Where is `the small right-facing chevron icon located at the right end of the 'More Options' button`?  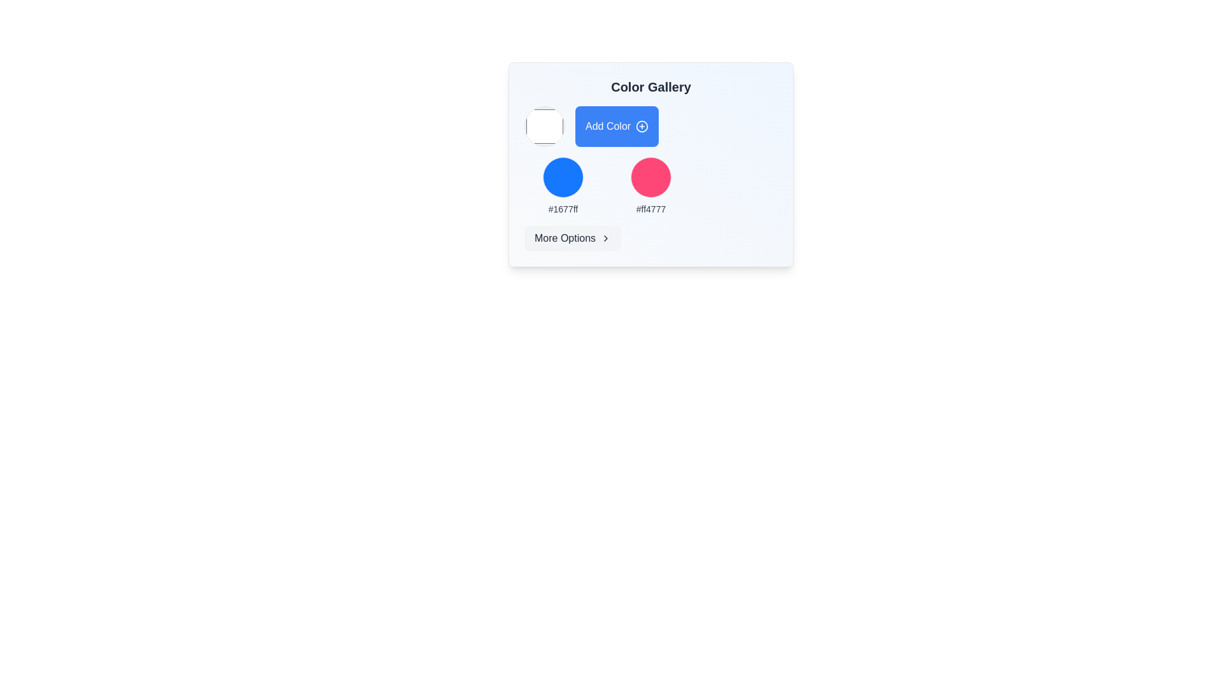 the small right-facing chevron icon located at the right end of the 'More Options' button is located at coordinates (605, 238).